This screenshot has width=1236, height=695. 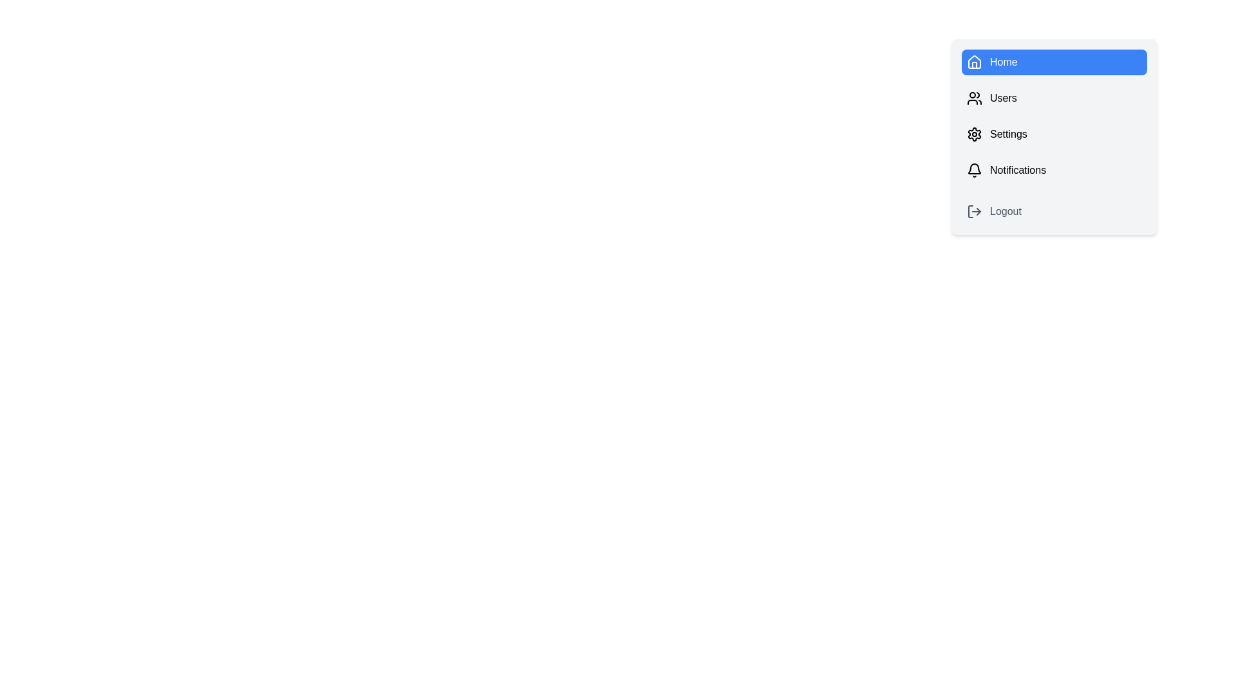 I want to click on the 'Users' menu icon located on the left in the second row of the vertical sidebar menu, so click(x=974, y=98).